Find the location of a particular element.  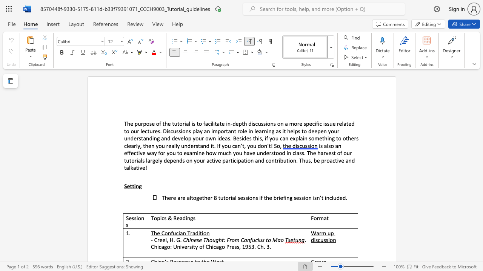

the subset text "Pres" within the text ". Chicago: University of Chicago Press, 1953. Ch. 3." is located at coordinates (226, 247).